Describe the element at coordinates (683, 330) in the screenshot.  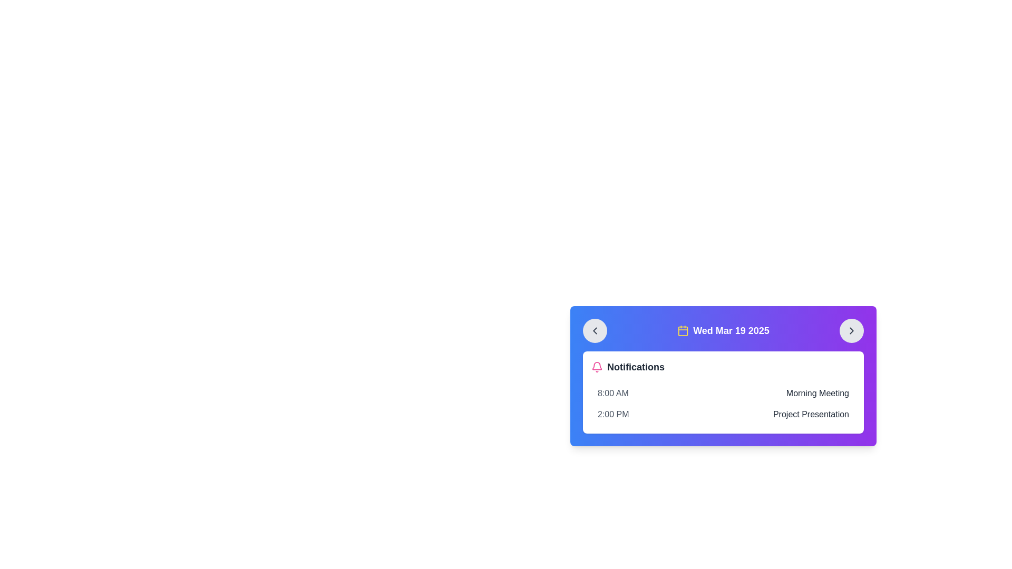
I see `the calendar icon with a yellow outline on a blue background, which is located adjacent to the text 'Wed Mar 19 2025'` at that location.